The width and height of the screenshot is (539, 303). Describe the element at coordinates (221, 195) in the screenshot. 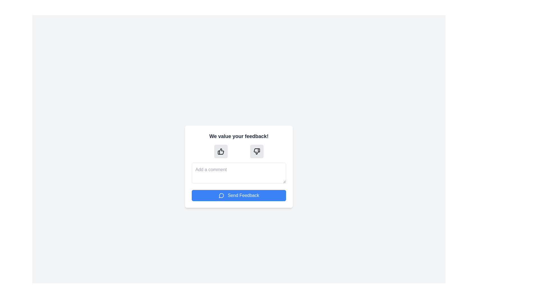

I see `the button labeled 'Send Feedback' which contains the circular speech bubble outline icon` at that location.